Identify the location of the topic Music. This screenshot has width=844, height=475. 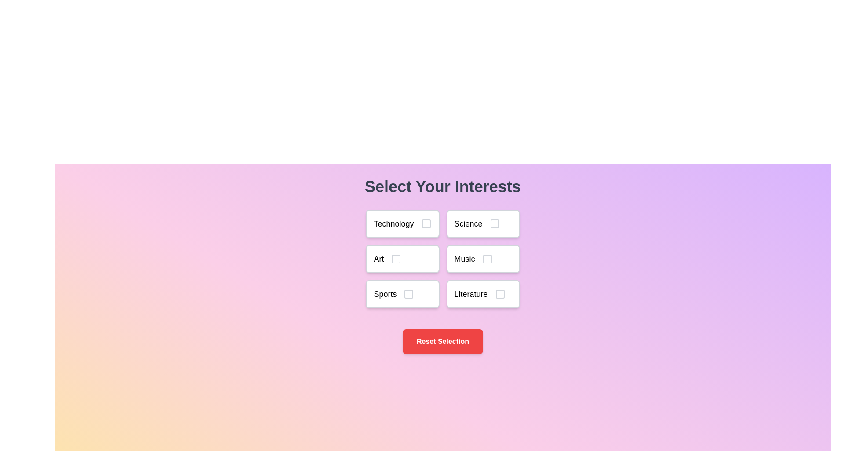
(483, 259).